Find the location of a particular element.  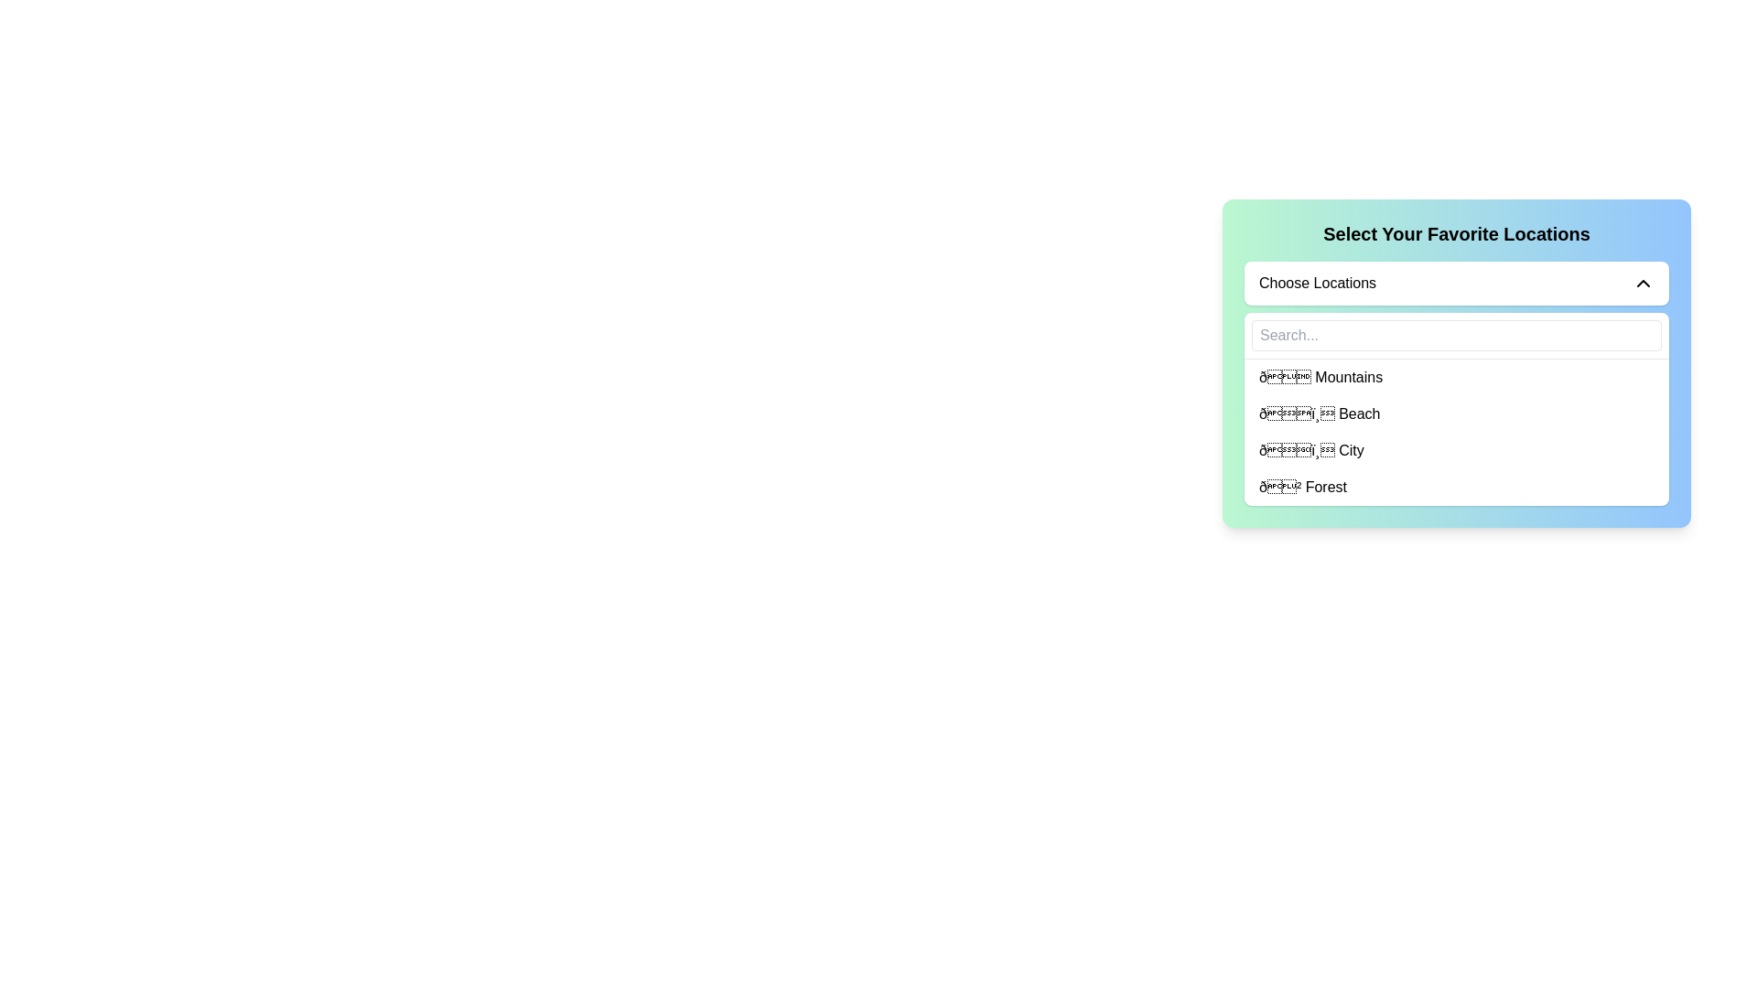

the '🏖️ Beach' icon in the dropdown options list, which is the first item below the search field in the upper right area of the interface is located at coordinates (1296, 413).